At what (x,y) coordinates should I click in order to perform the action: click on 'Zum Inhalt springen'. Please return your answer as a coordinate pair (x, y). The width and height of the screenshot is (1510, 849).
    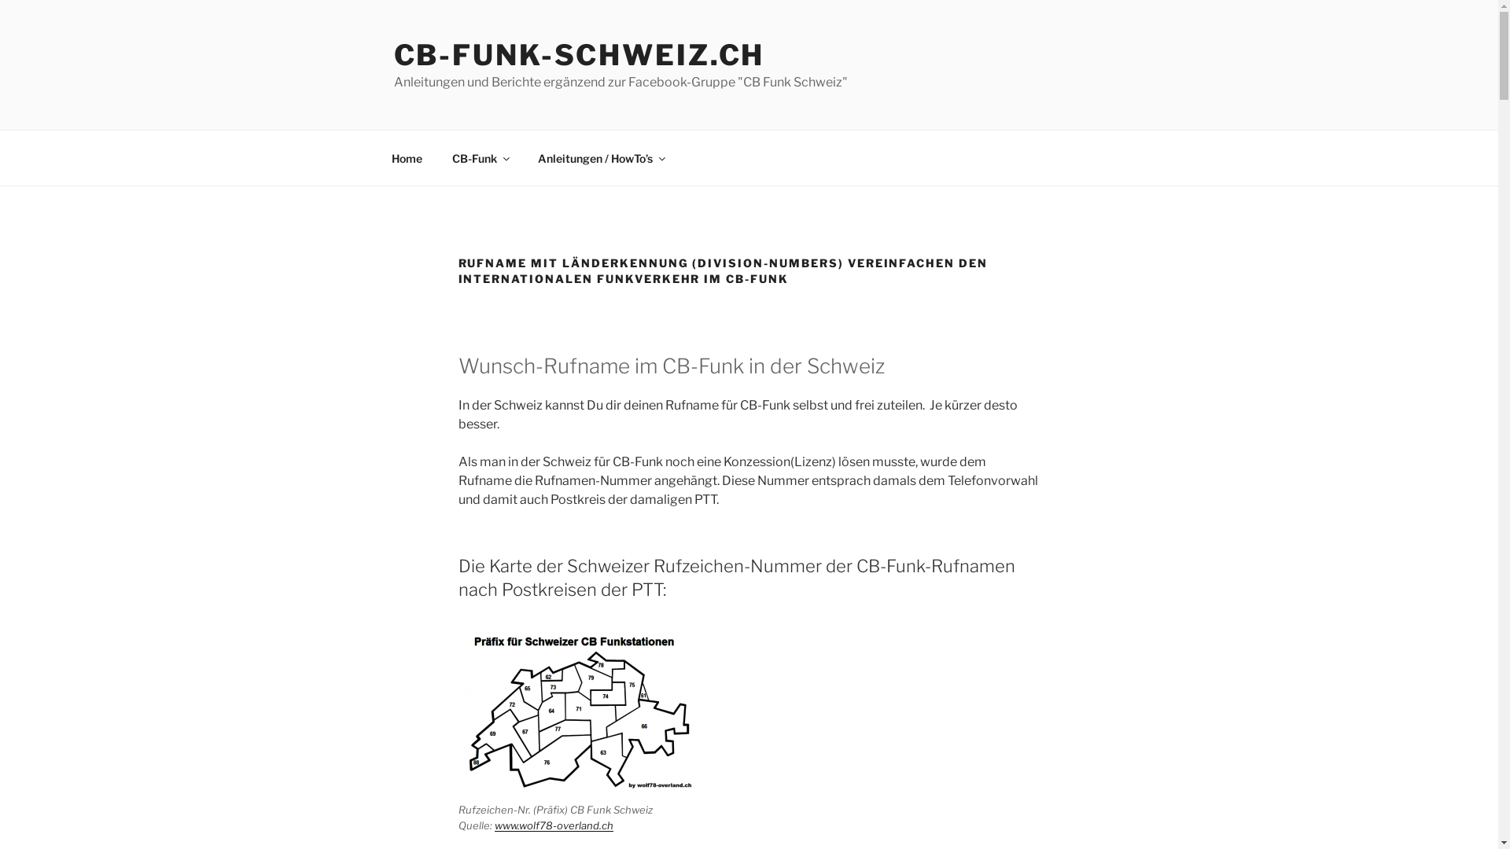
    Looking at the image, I should click on (0, 0).